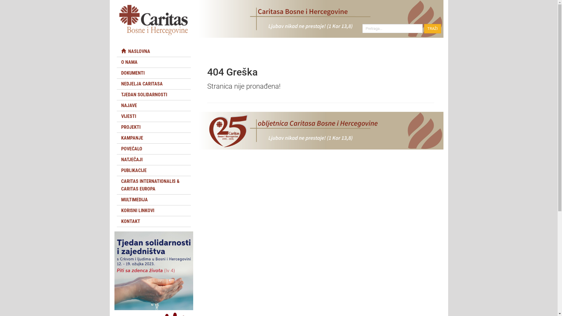 This screenshot has width=562, height=316. What do you see at coordinates (153, 84) in the screenshot?
I see `'NEDJELJA CARITASA'` at bounding box center [153, 84].